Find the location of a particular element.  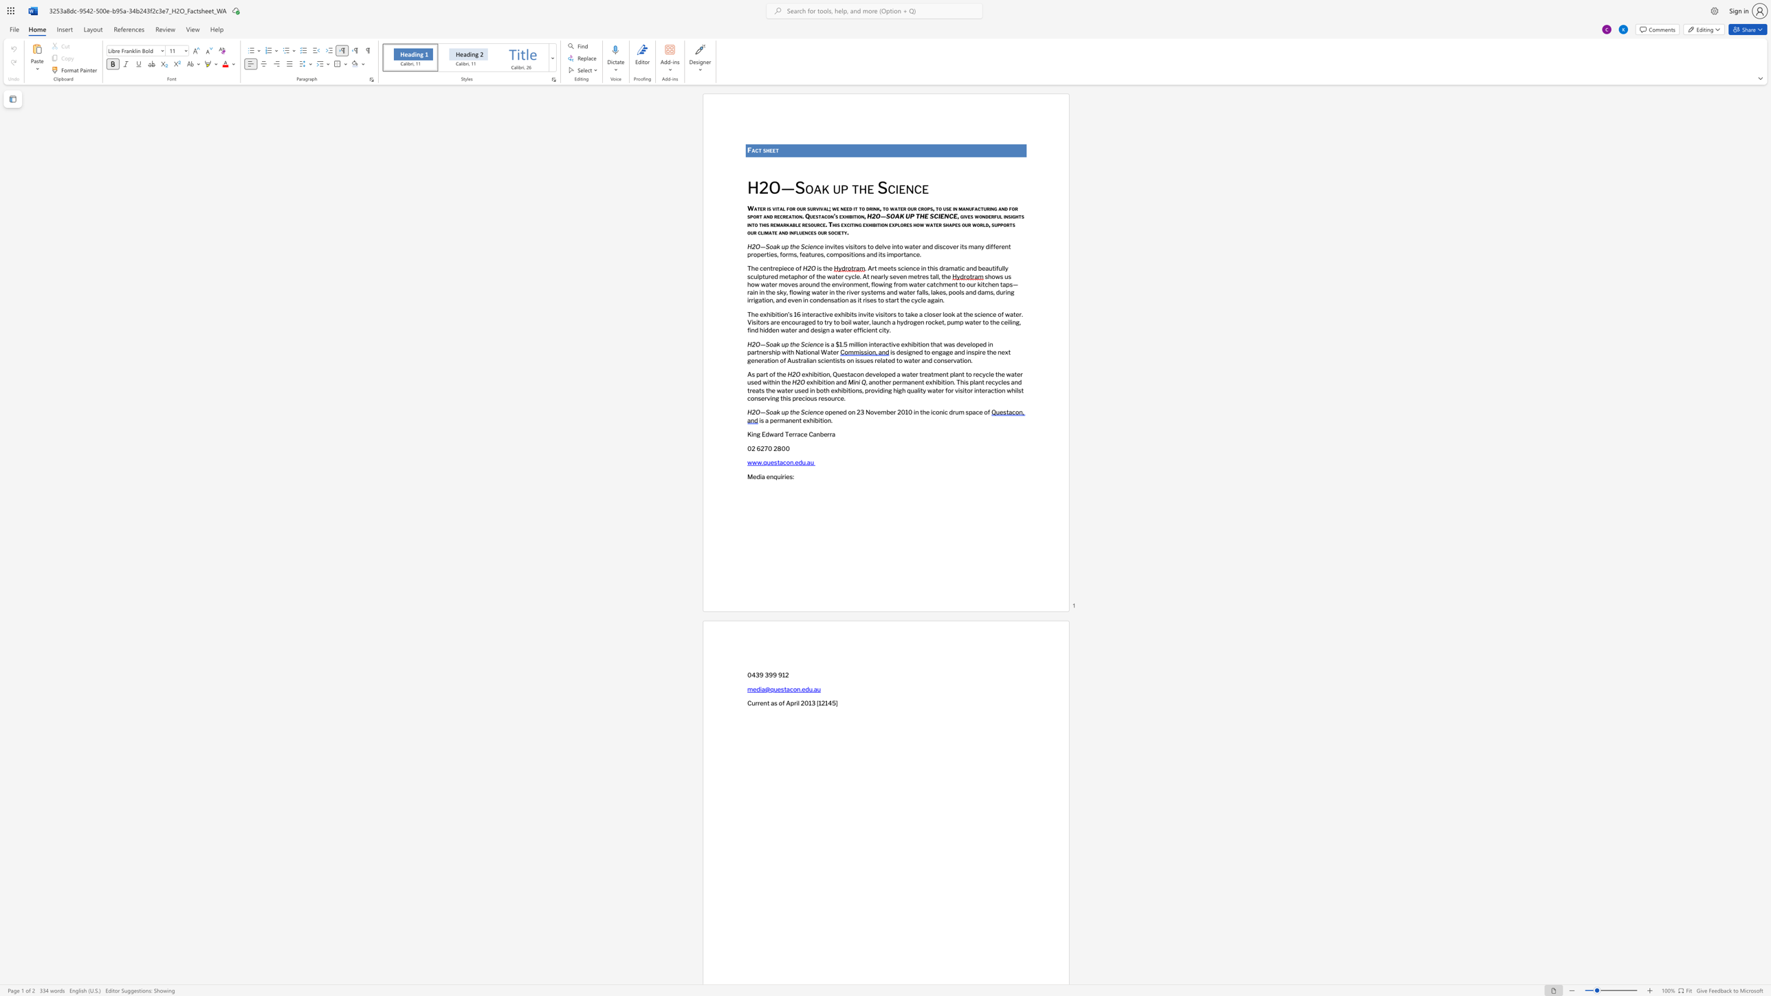

the subset text "ec" within the text "The centrepiece of" is located at coordinates (782, 268).